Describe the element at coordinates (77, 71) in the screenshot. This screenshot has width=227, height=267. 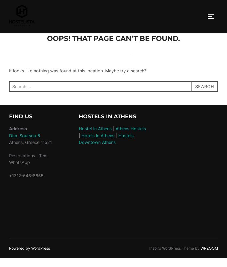
I see `'It looks like nothing was found at this location. Maybe try a search?'` at that location.